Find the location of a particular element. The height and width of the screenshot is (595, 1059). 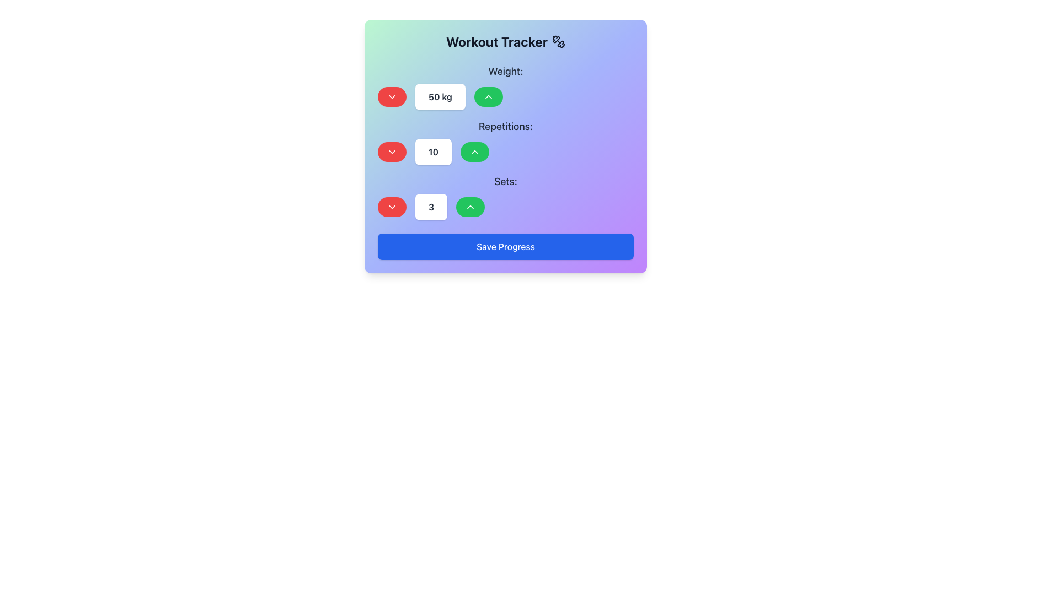

the second downward chevron icon inside the red circular button next to the 'Repetitions' field for visual feedback is located at coordinates (392, 152).